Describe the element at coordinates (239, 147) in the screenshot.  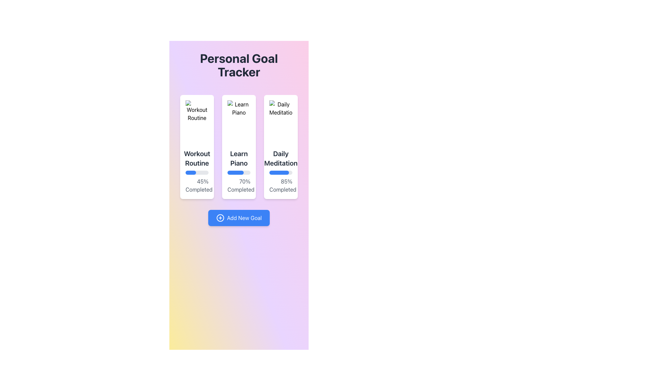
I see `the display card component that shows the progress of the 'Learn Piano' goal, which is the second card in a row of three, positioned in the middle of a grid layout` at that location.